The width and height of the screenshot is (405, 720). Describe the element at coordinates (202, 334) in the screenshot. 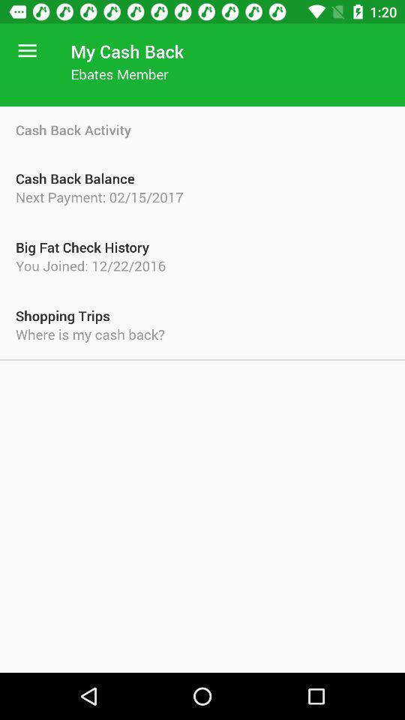

I see `icon below shopping trips` at that location.